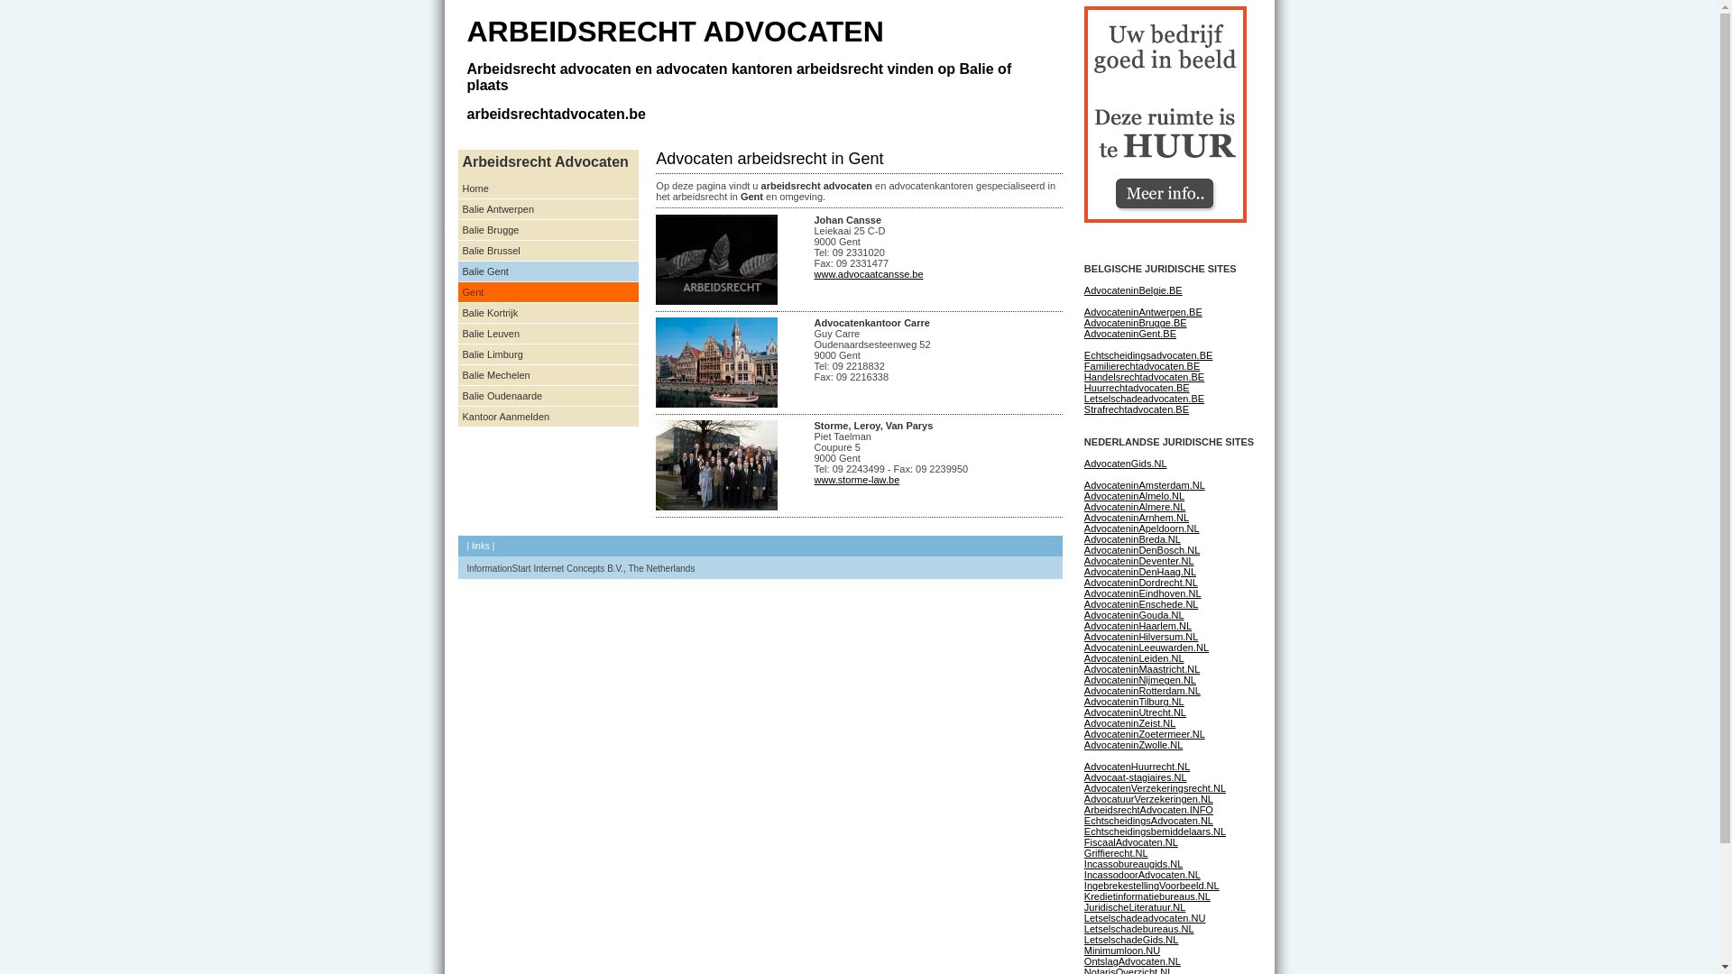  What do you see at coordinates (1142, 593) in the screenshot?
I see `'AdvocateninEindhoven.NL'` at bounding box center [1142, 593].